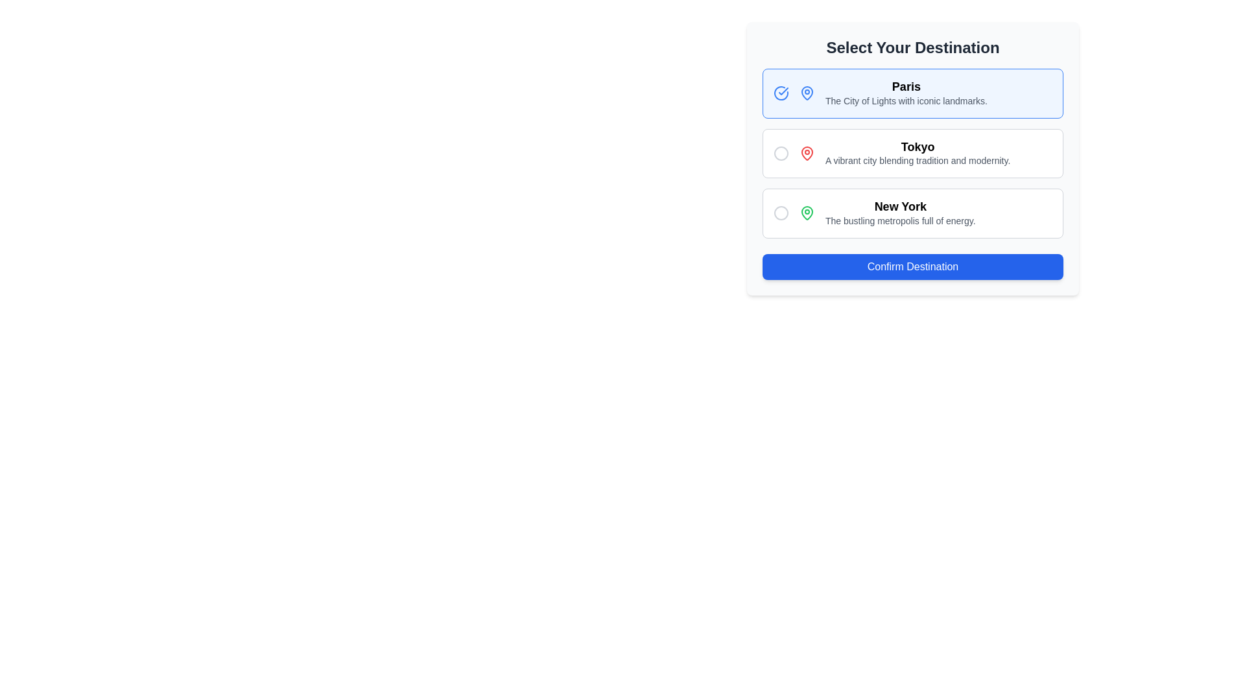 The image size is (1245, 700). Describe the element at coordinates (899, 206) in the screenshot. I see `the title text for the New York section, which is located above the description text 'The bustling metropolis full of energy.' in the 'Select Your Destination' form` at that location.